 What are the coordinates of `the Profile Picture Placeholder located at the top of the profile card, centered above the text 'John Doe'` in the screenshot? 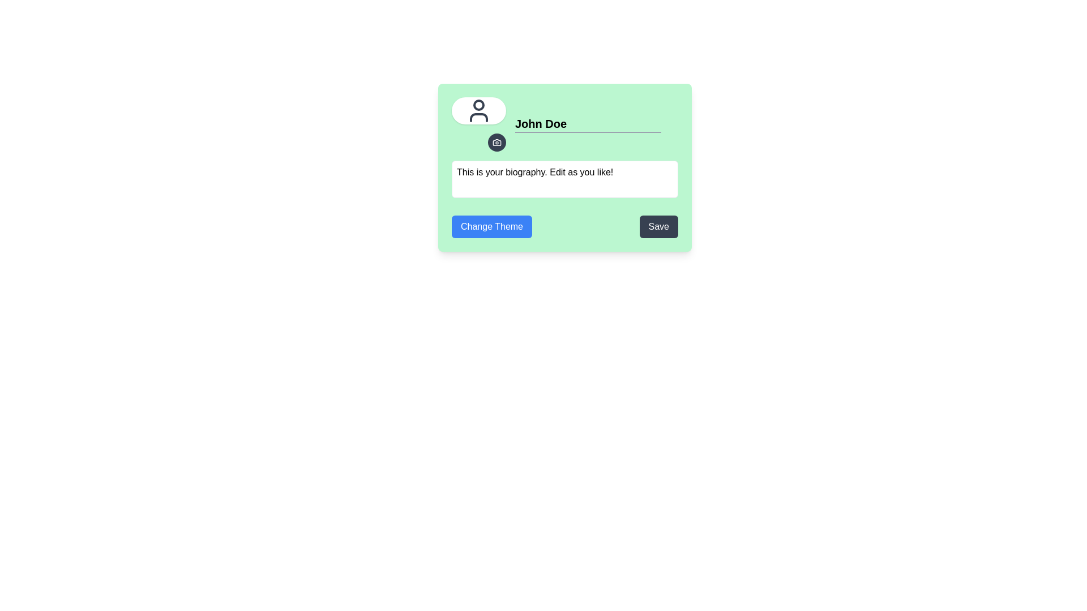 It's located at (478, 111).